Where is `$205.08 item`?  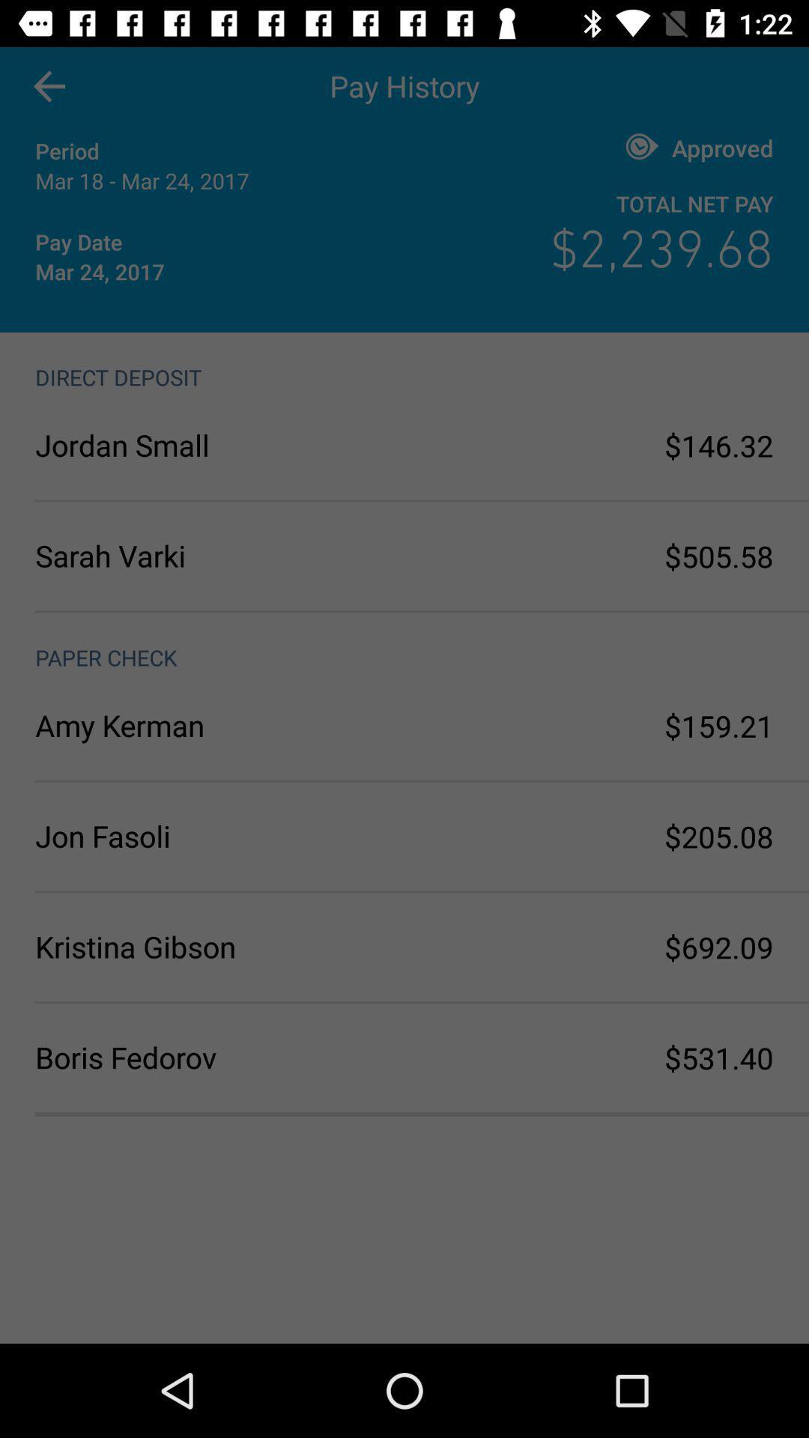
$205.08 item is located at coordinates (718, 836).